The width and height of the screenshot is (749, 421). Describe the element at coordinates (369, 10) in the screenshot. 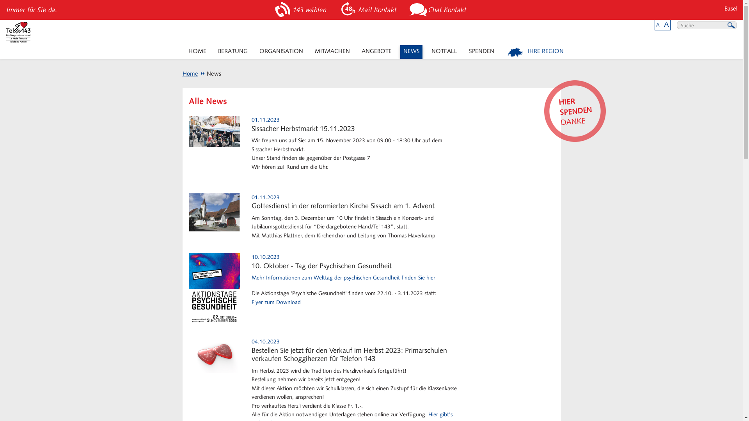

I see `'Mail Kontakt'` at that location.